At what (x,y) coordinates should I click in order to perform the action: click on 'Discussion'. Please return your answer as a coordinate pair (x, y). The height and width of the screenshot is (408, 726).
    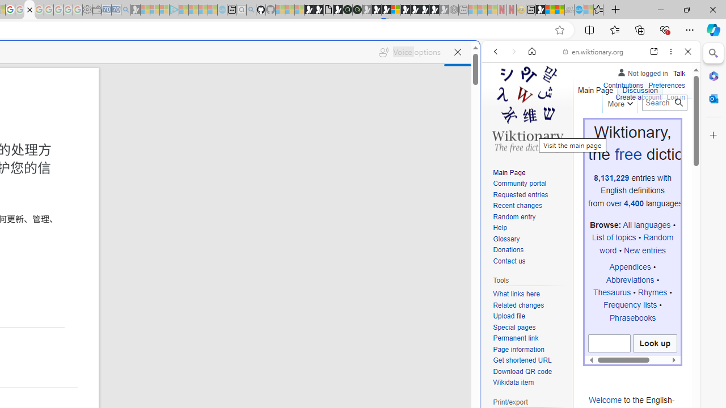
    Looking at the image, I should click on (640, 87).